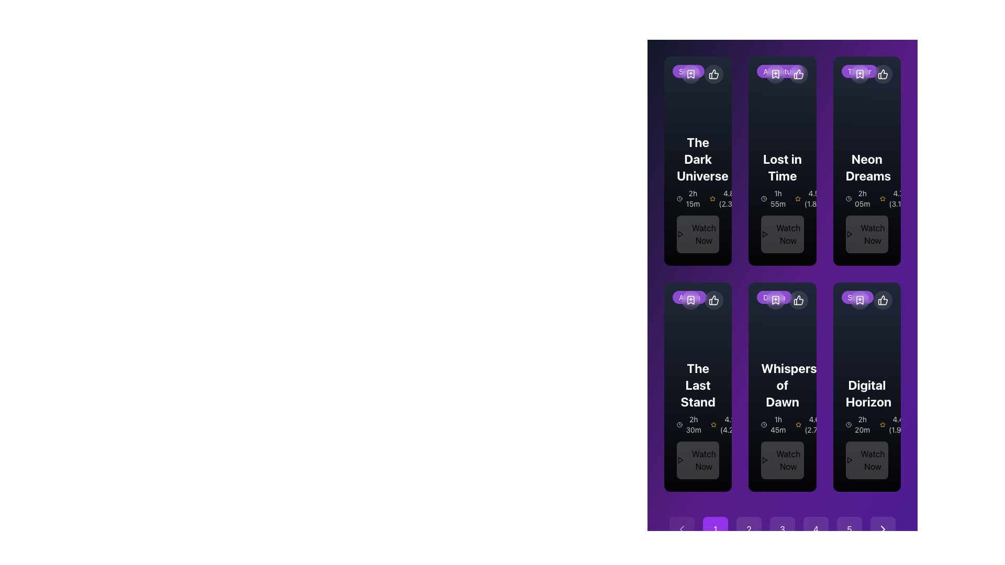 The width and height of the screenshot is (1005, 565). What do you see at coordinates (774, 199) in the screenshot?
I see `the duration text element located in the 'Lost in Time' card, which is positioned in the second column beneath the card's title and above the bottom buttons` at bounding box center [774, 199].